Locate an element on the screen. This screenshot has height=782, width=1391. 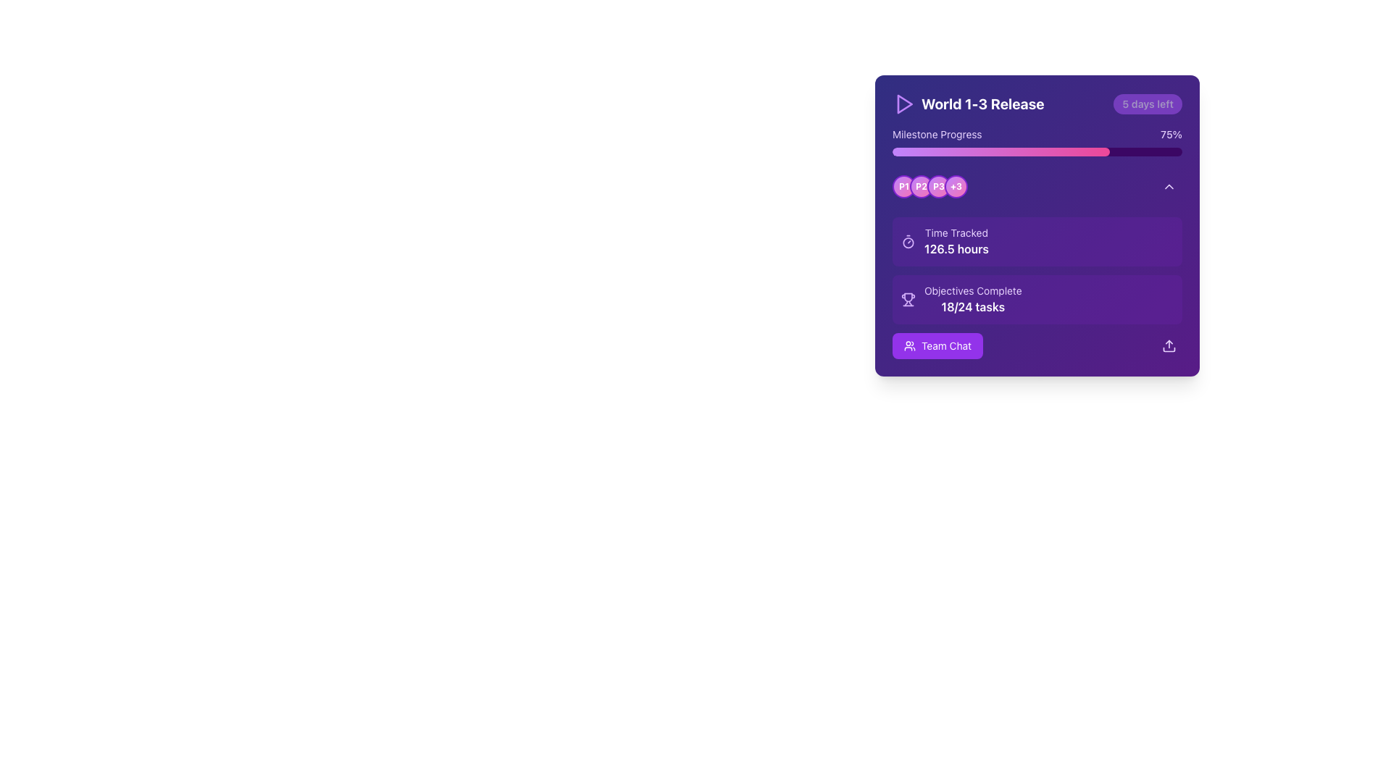
the 'Team Chat' icon, which represents user interaction and collaboration, located on the left side of the 'Team Chat' button at the bottom of a purple card is located at coordinates (909, 346).